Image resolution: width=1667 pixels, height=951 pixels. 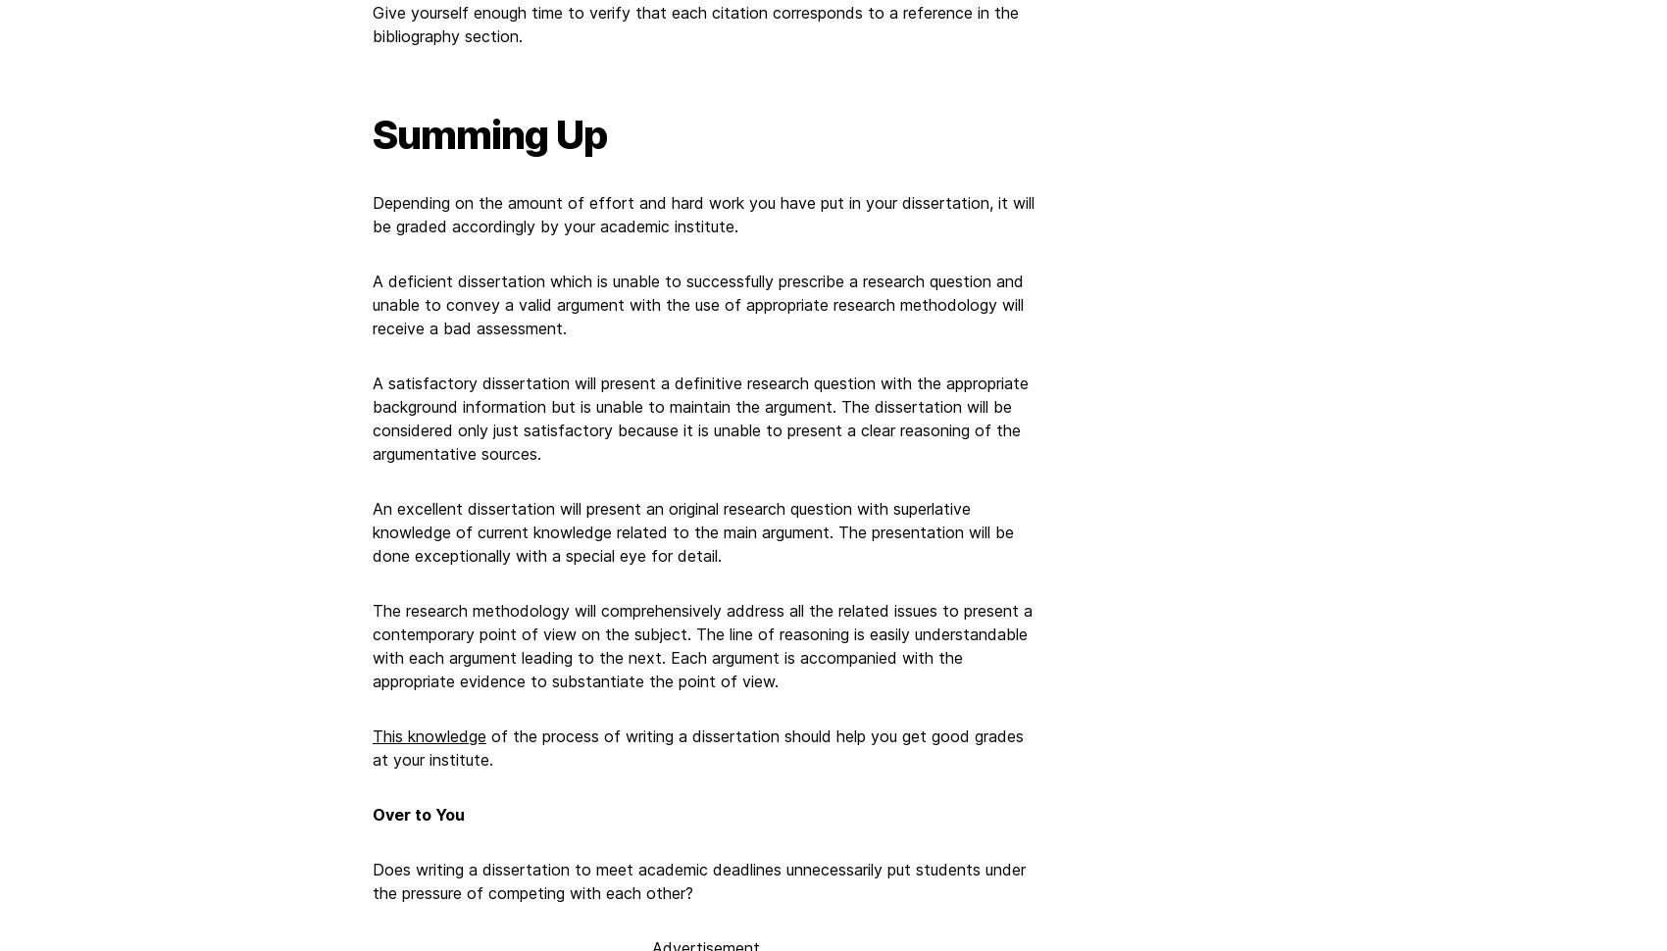 What do you see at coordinates (489, 133) in the screenshot?
I see `'Summing Up'` at bounding box center [489, 133].